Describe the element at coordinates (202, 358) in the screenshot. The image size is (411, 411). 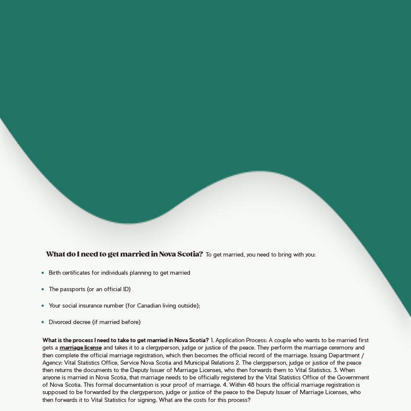
I see `'Issuing Department / Agency: Vital Statistics Office, Service Nova Scotia and Municipal Relations'` at that location.